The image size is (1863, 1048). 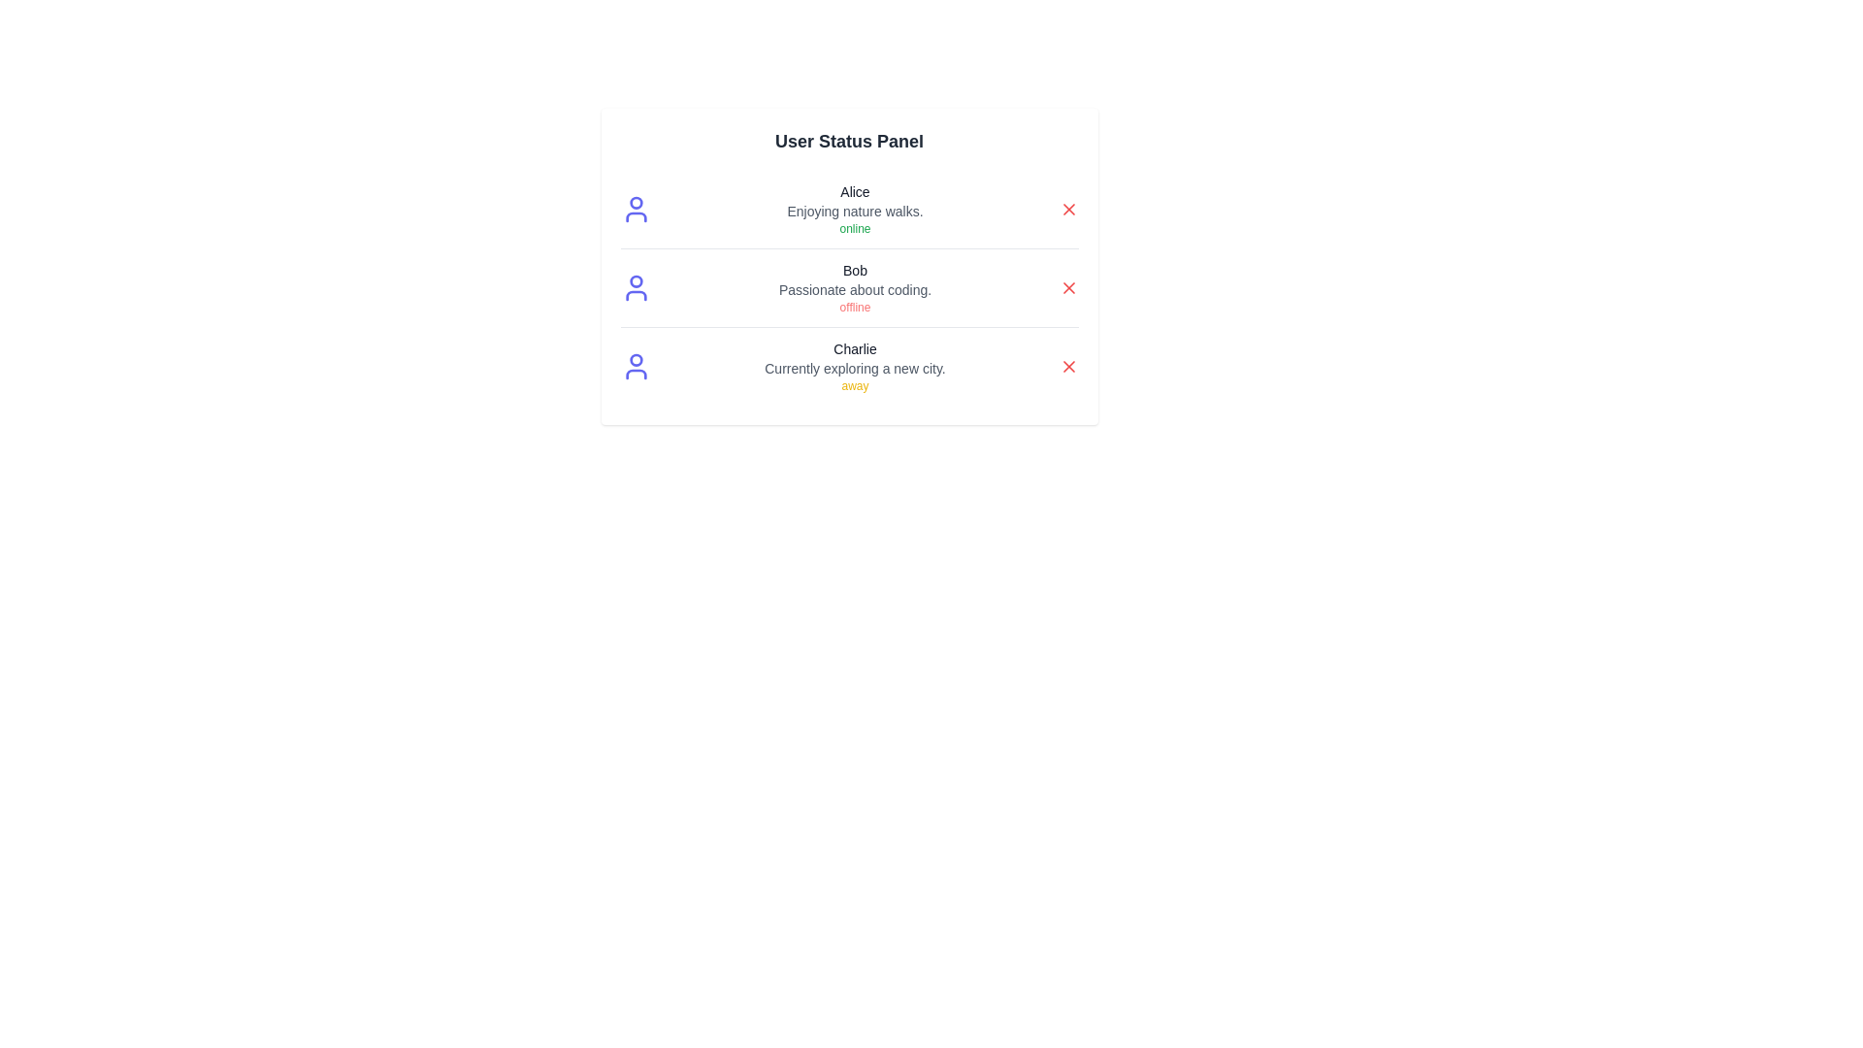 What do you see at coordinates (849, 266) in the screenshot?
I see `the individual user entries within the display panel for more details, as this element serves as a structured summary of user activities and availability` at bounding box center [849, 266].